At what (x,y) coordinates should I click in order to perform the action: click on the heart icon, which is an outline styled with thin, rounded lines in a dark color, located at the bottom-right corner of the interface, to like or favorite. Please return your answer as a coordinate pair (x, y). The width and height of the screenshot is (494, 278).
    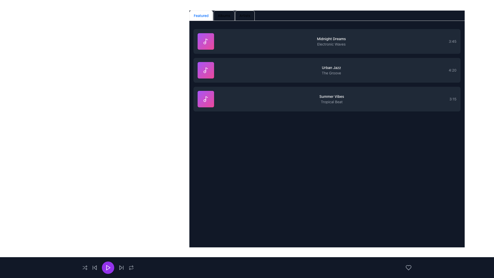
    Looking at the image, I should click on (408, 267).